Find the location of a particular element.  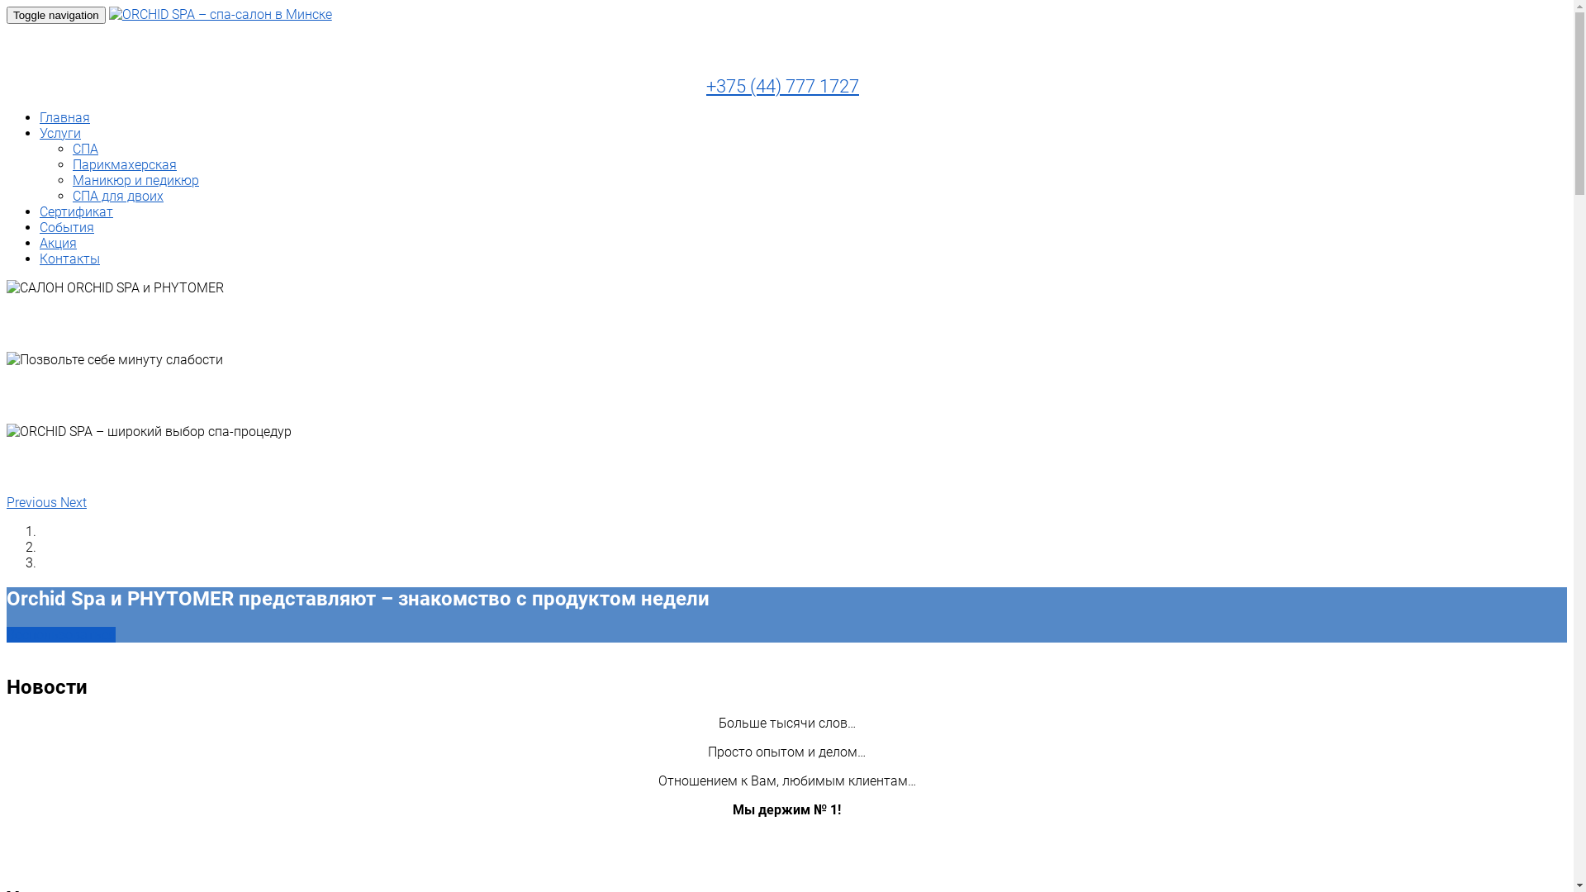

'Toggle navigation' is located at coordinates (55, 15).